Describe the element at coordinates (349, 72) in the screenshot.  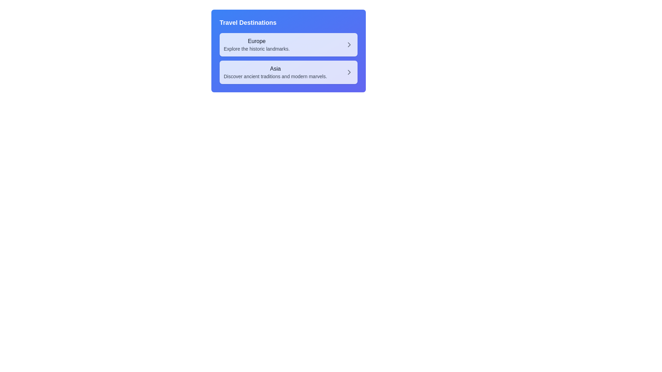
I see `the Chevron icon located at the rightmost area of the card labeled 'Asia', which indicates navigation or expansion functionality` at that location.